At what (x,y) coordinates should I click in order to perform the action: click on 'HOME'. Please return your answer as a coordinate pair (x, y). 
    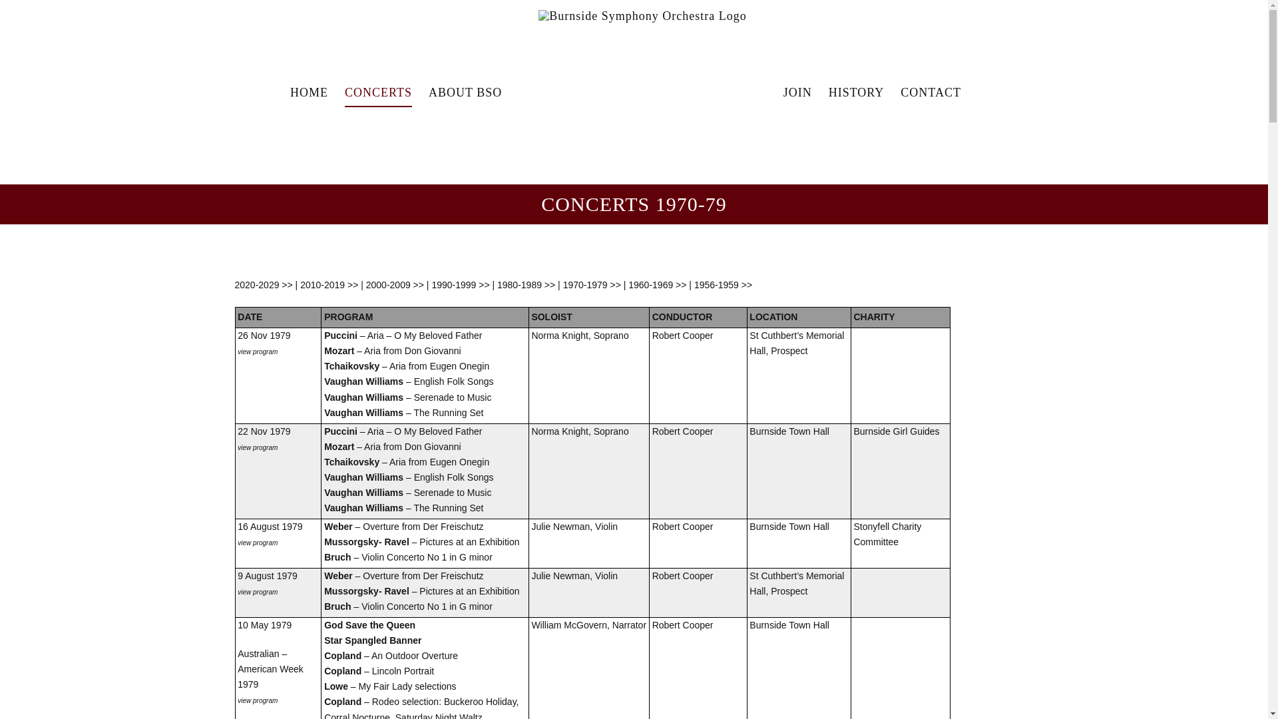
    Looking at the image, I should click on (308, 91).